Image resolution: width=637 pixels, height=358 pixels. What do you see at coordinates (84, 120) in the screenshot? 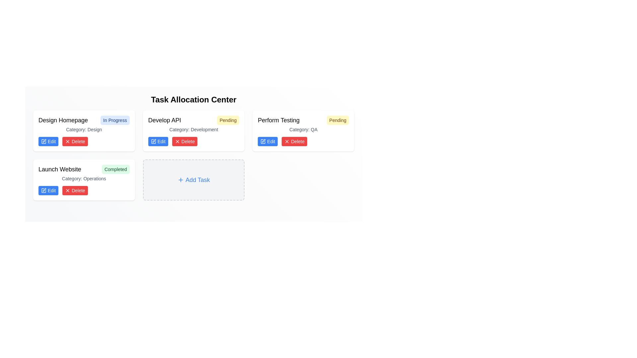
I see `the 'In Progress' badge of the task named 'Design Homepage'` at bounding box center [84, 120].